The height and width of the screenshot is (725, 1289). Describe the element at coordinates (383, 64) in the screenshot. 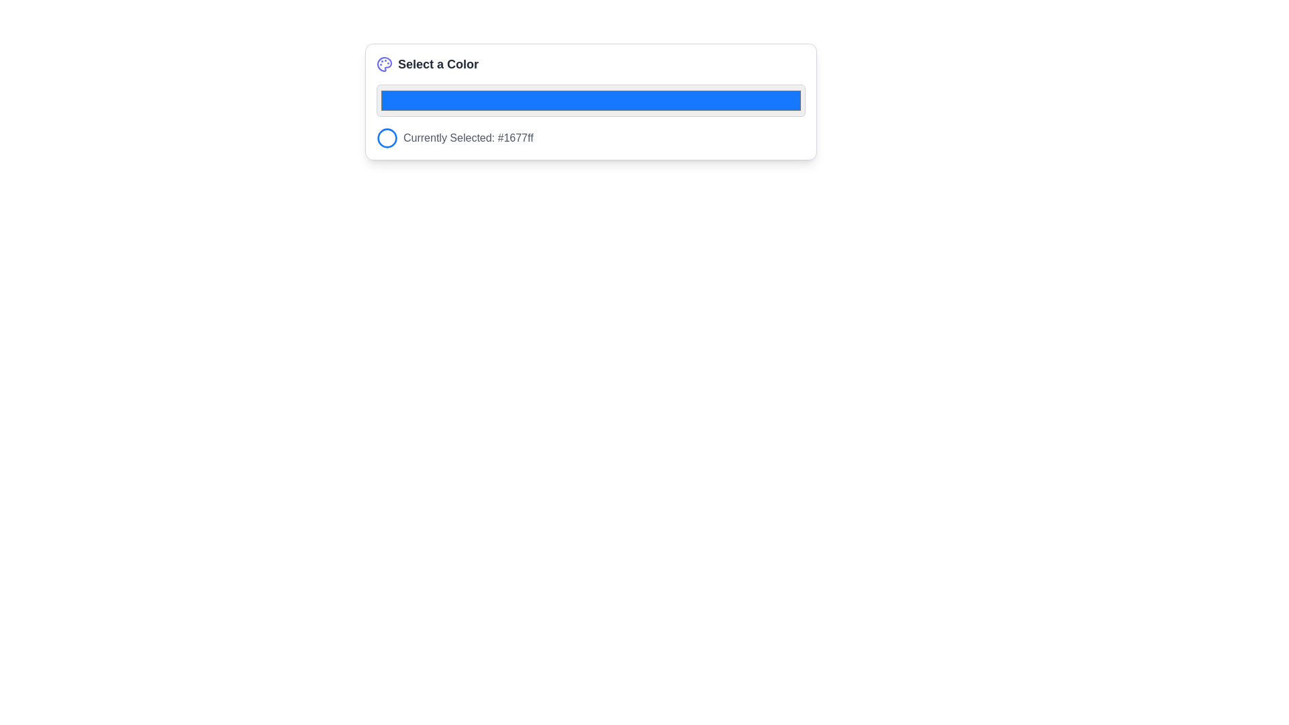

I see `the color selection icon located at the far left of the horizontal group, preceding the text 'Select a Color'` at that location.